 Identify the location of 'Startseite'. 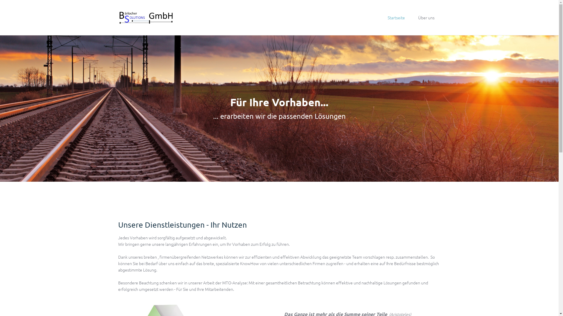
(396, 17).